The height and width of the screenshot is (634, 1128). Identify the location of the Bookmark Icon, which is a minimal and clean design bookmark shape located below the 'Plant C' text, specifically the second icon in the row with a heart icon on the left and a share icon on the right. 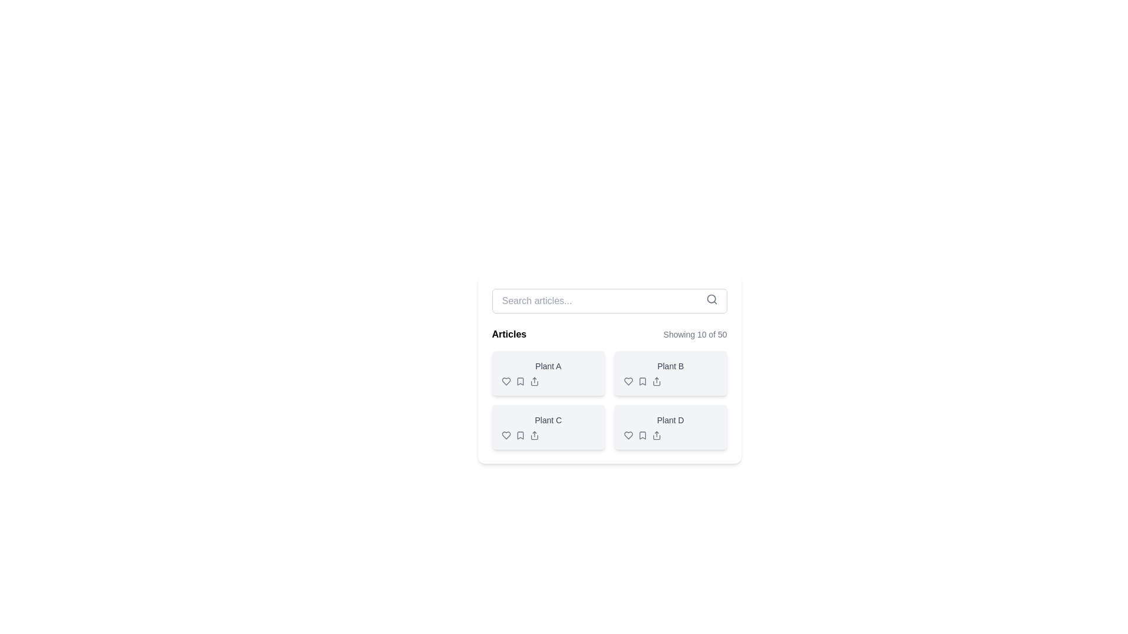
(519, 435).